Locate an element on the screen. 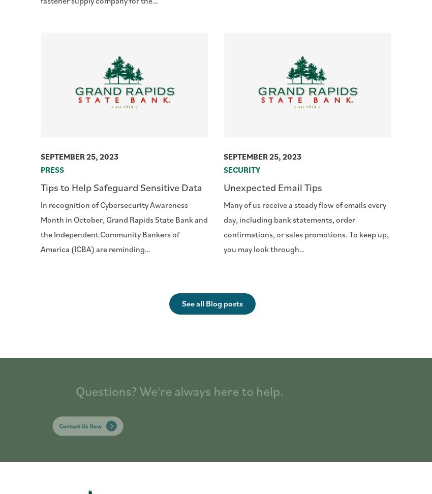 The image size is (432, 494). 'Press' is located at coordinates (52, 169).